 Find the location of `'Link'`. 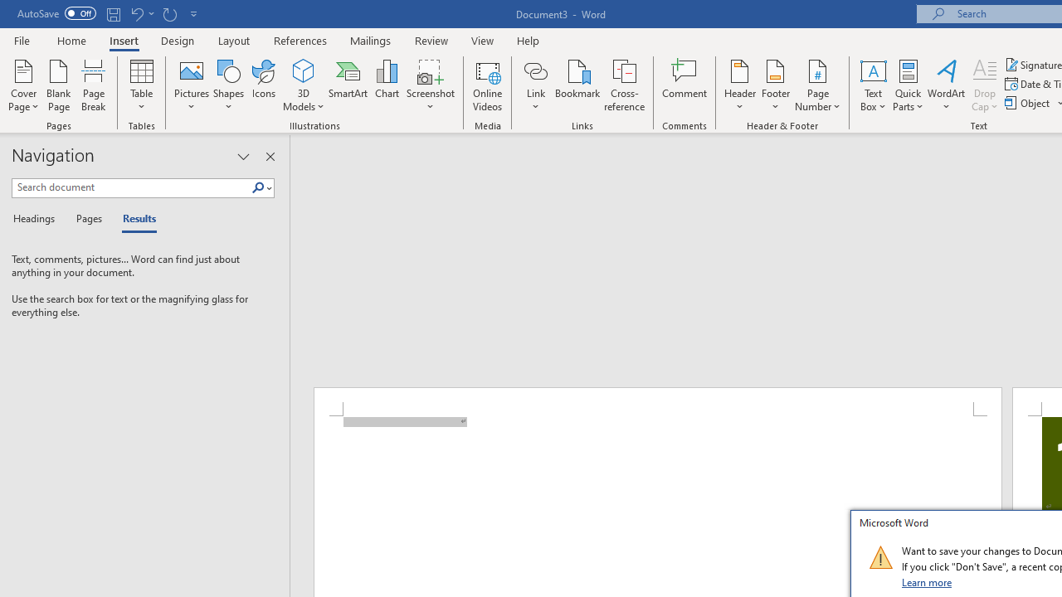

'Link' is located at coordinates (535, 70).